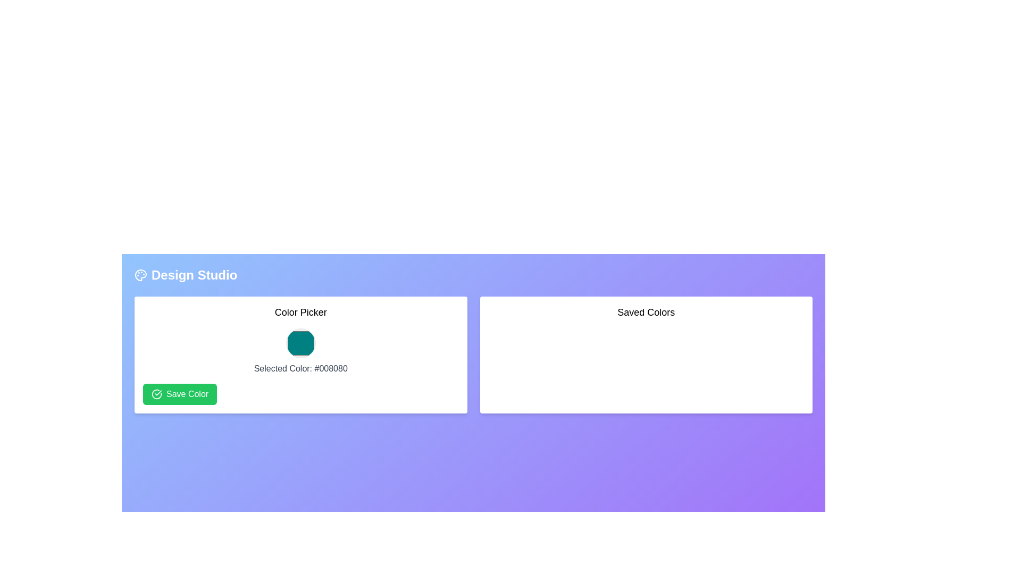 The width and height of the screenshot is (1021, 574). Describe the element at coordinates (300, 354) in the screenshot. I see `the color circle in the left column of the color selection interface` at that location.